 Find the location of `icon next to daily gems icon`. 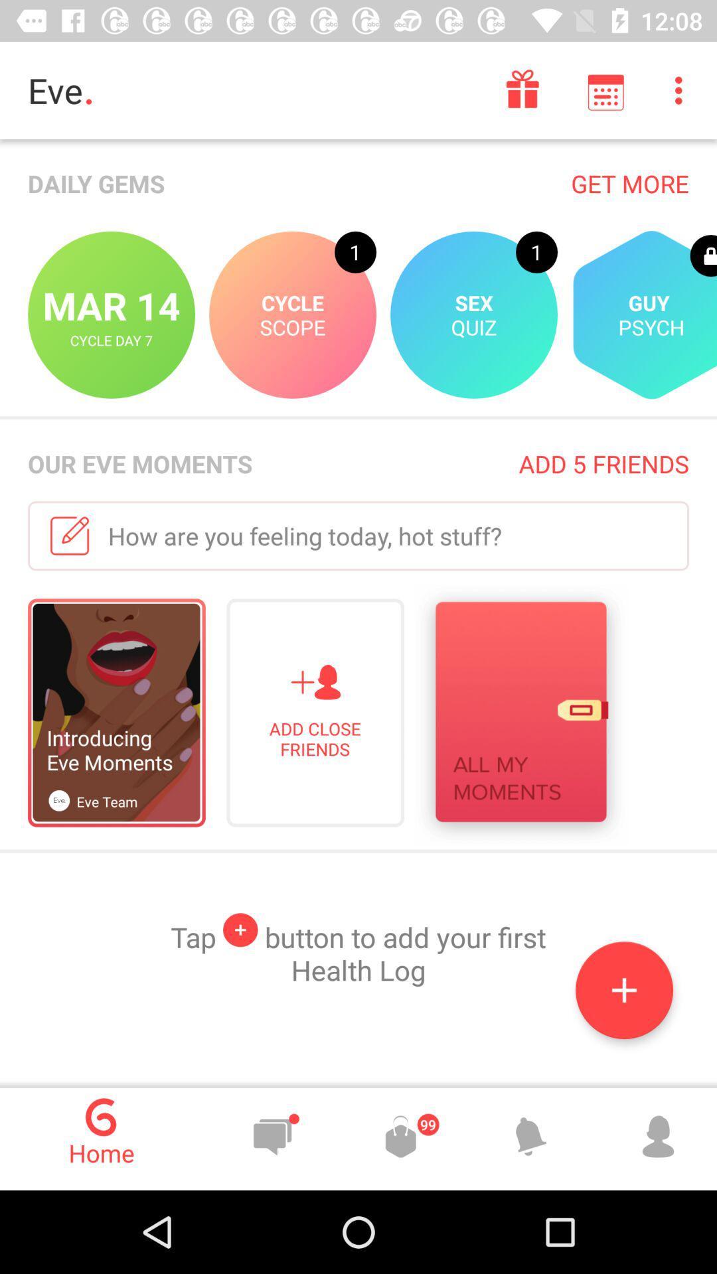

icon next to daily gems icon is located at coordinates (629, 182).